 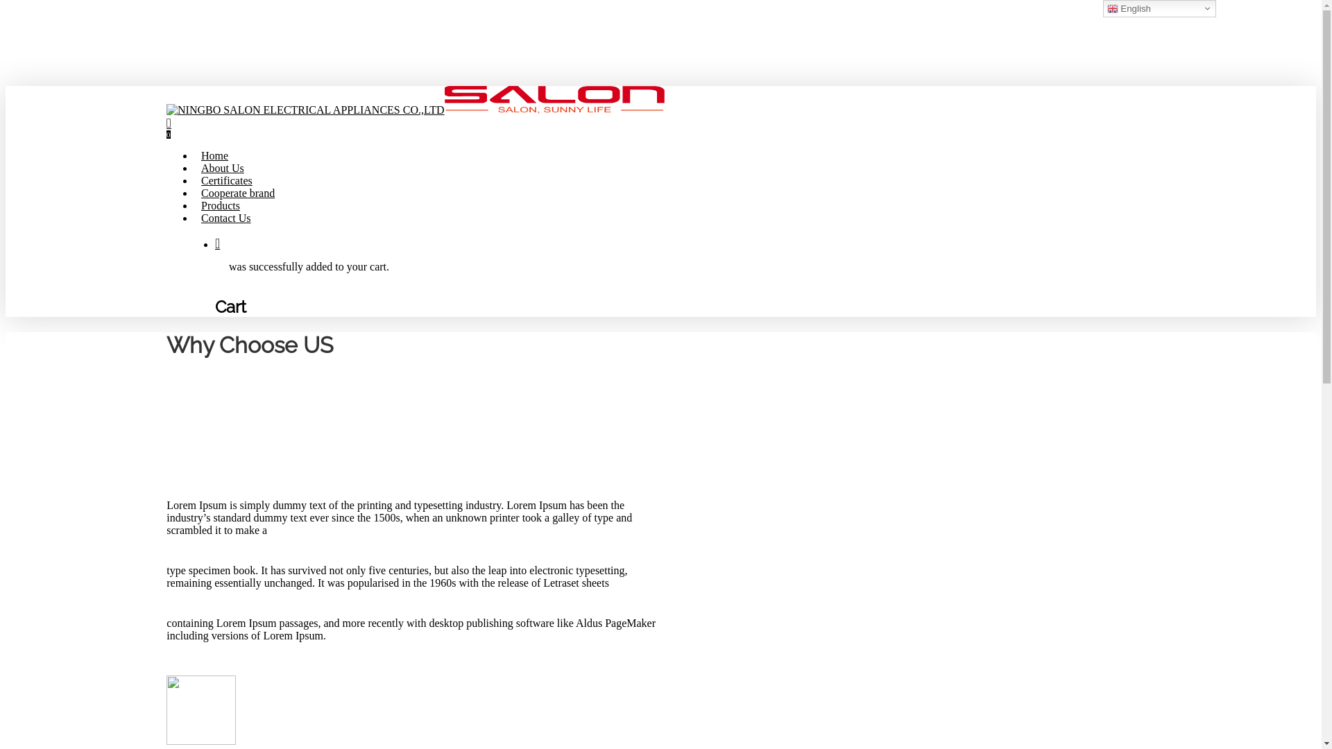 I want to click on 'About Us', so click(x=223, y=167).